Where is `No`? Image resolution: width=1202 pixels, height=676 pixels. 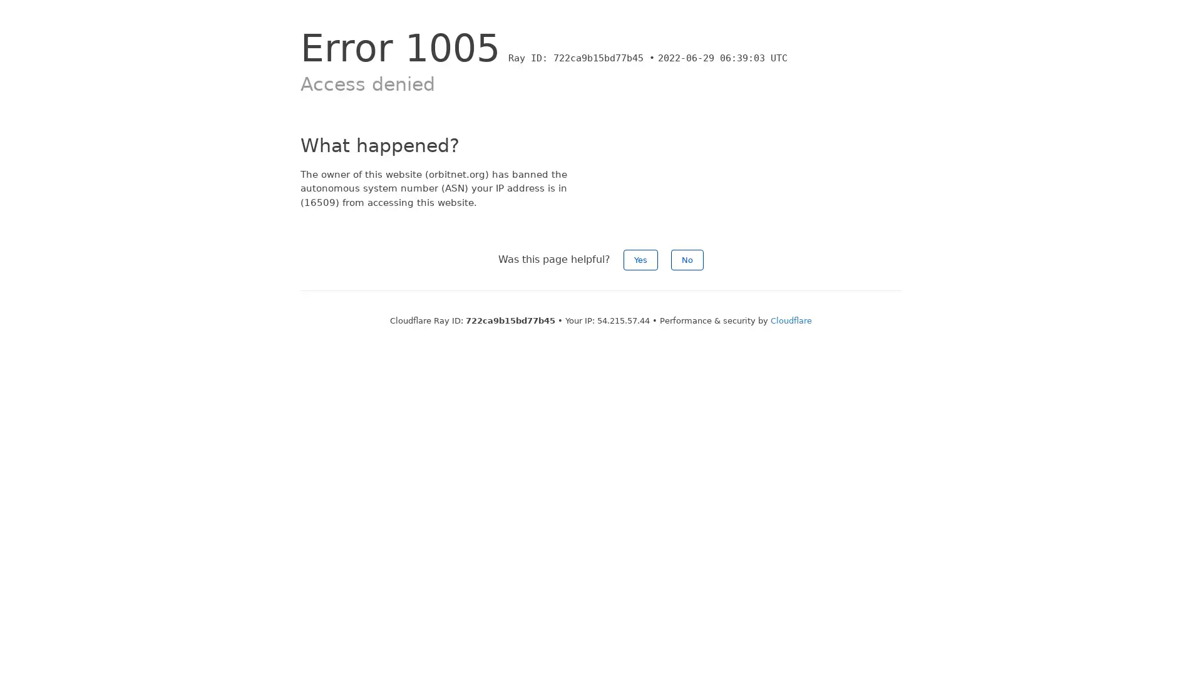 No is located at coordinates (687, 259).